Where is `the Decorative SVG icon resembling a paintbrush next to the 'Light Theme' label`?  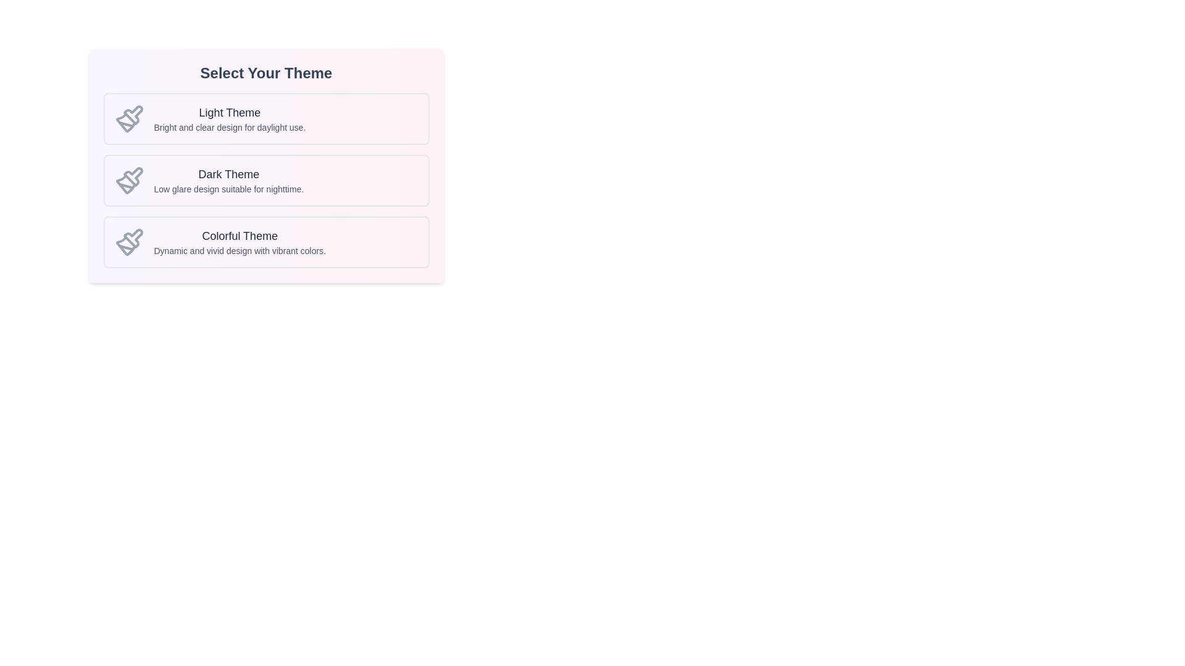 the Decorative SVG icon resembling a paintbrush next to the 'Light Theme' label is located at coordinates (133, 115).